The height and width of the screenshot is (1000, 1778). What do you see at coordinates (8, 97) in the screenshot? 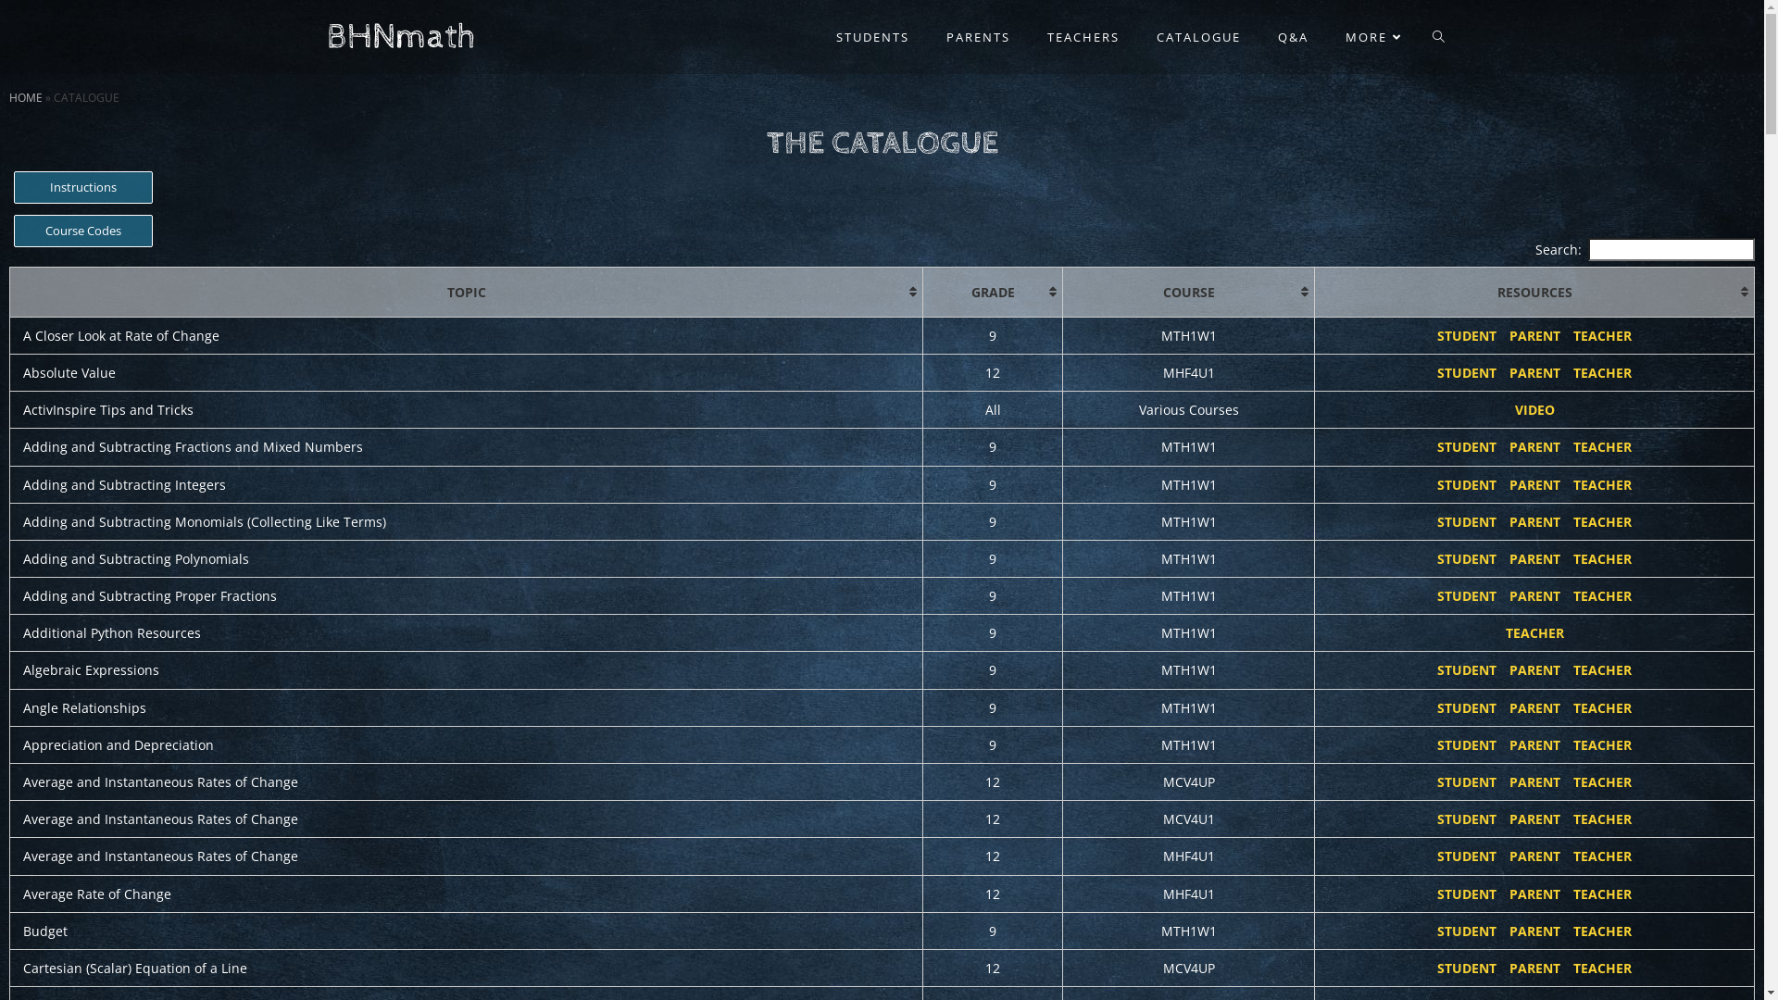
I see `'HOME'` at bounding box center [8, 97].